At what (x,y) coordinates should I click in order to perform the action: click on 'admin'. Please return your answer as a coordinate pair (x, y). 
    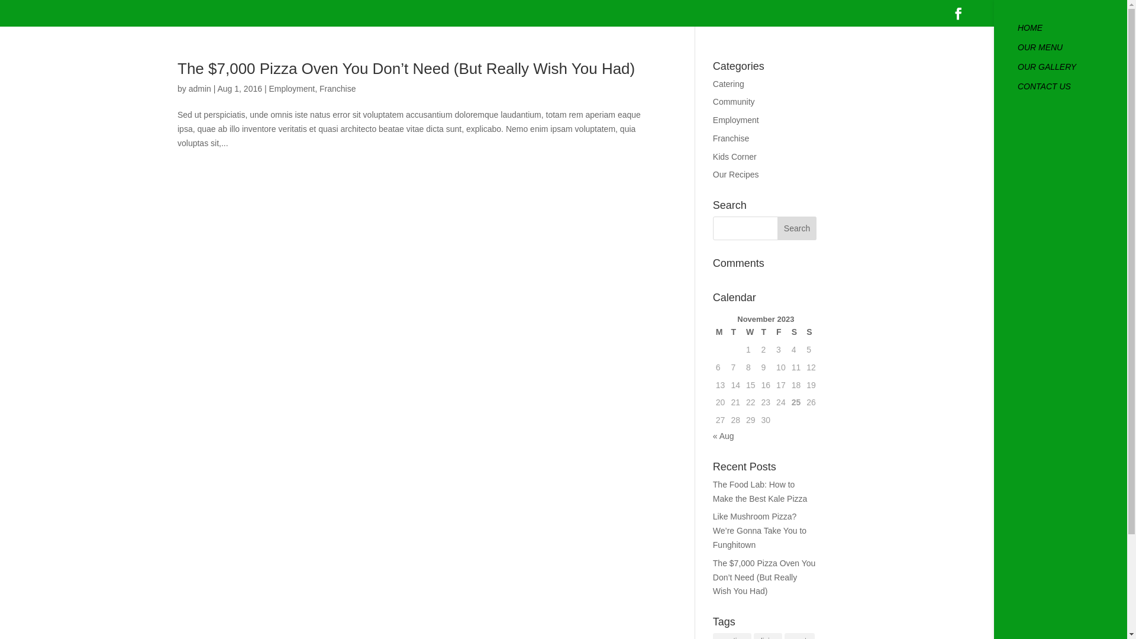
    Looking at the image, I should click on (199, 88).